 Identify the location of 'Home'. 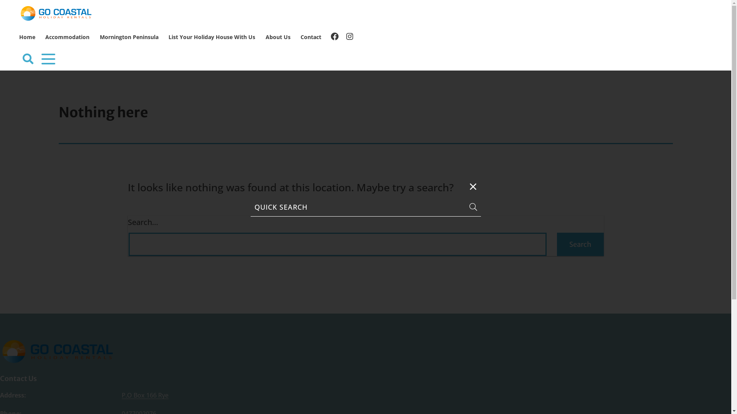
(27, 37).